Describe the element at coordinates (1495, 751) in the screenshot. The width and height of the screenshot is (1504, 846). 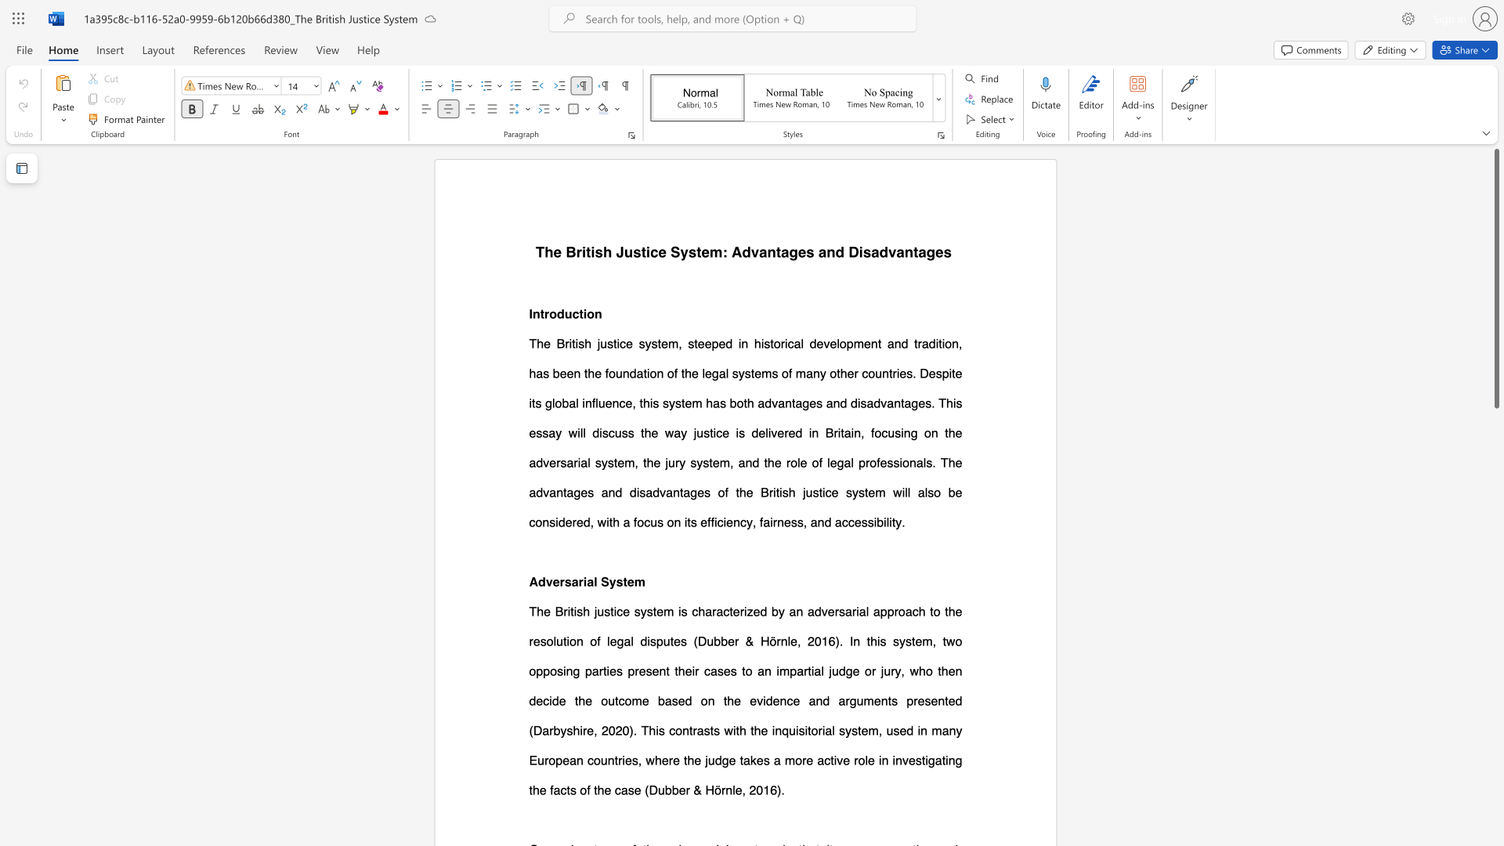
I see `the scrollbar on the right side to scroll the page down` at that location.